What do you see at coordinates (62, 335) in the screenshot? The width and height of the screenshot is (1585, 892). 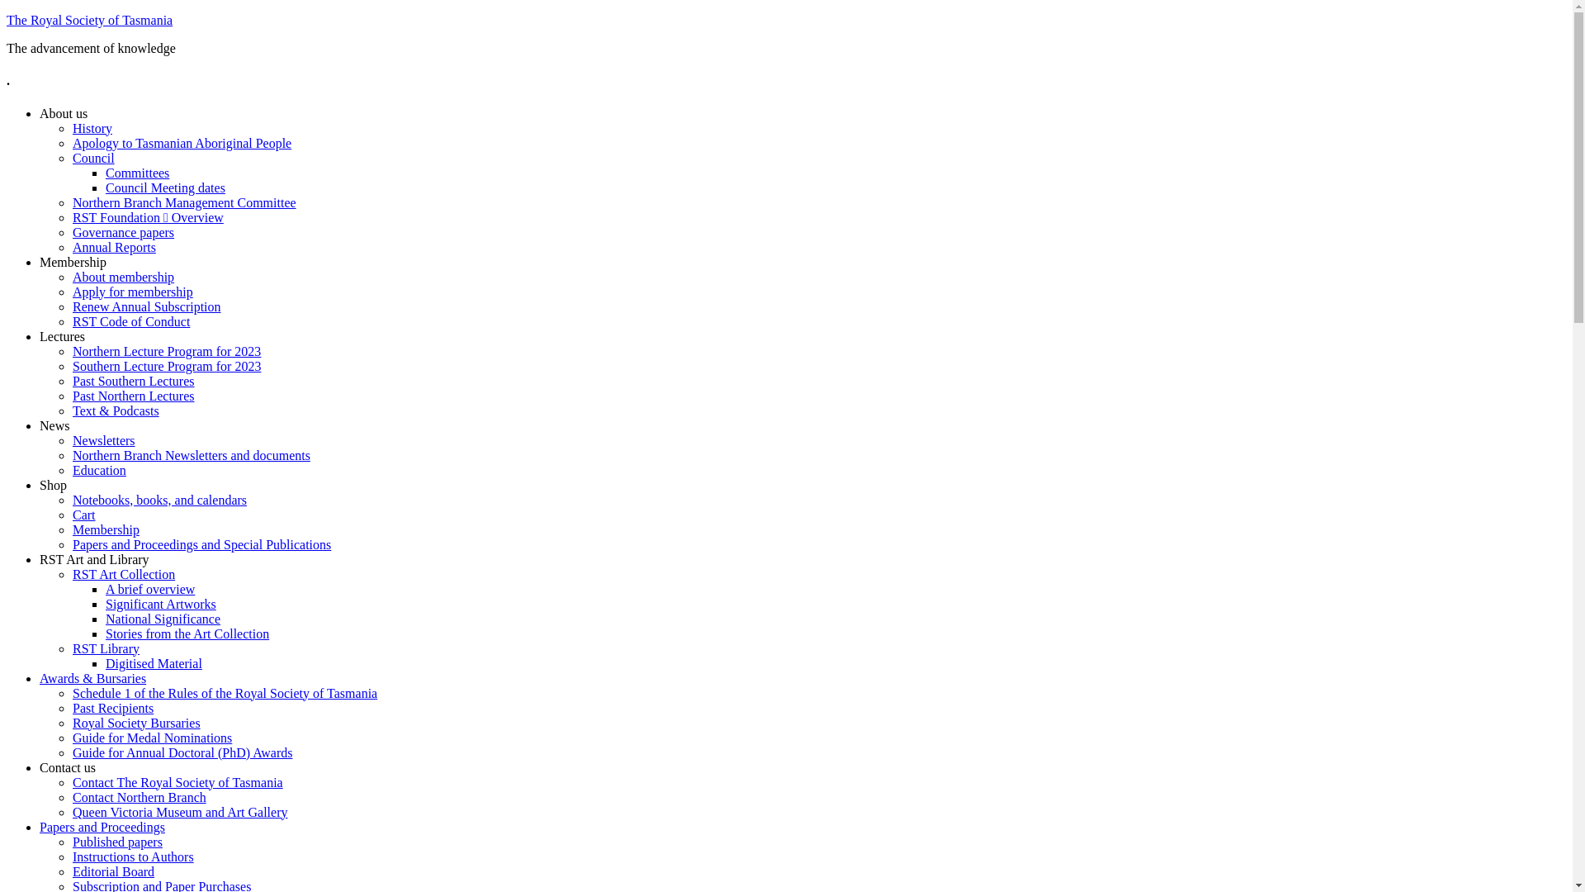 I see `'Lectures'` at bounding box center [62, 335].